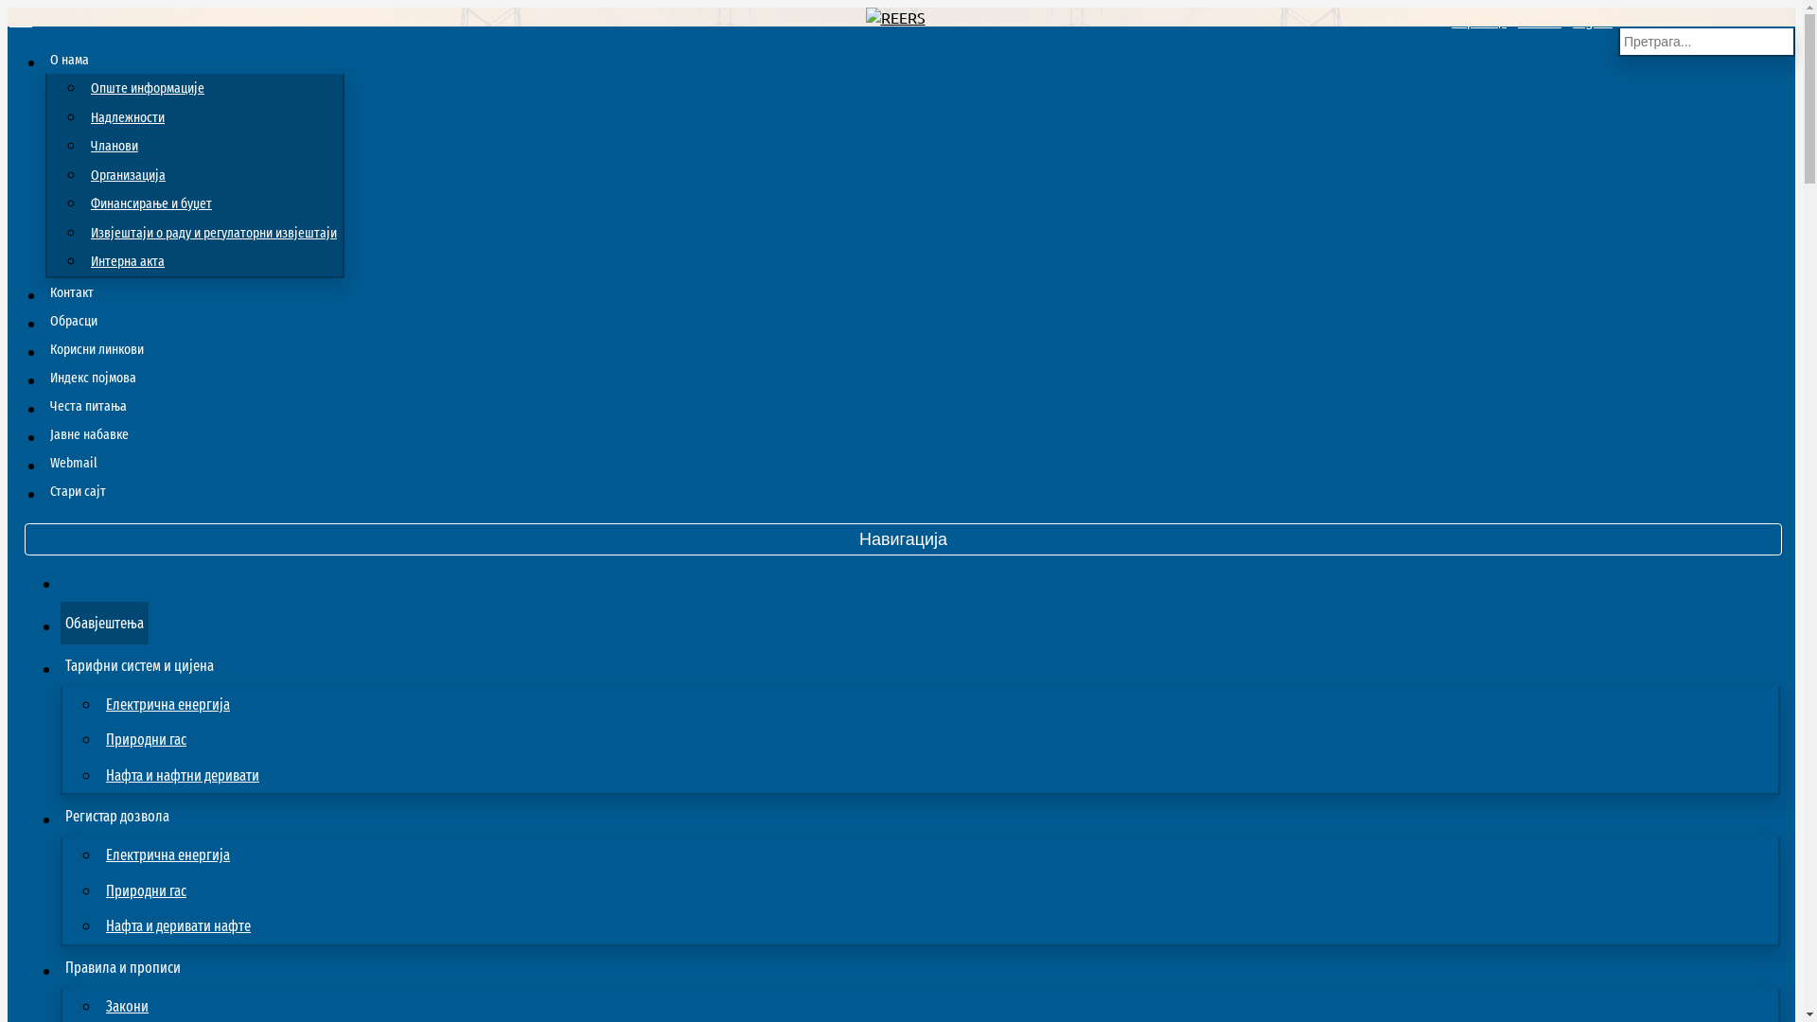 This screenshot has width=1817, height=1022. Describe the element at coordinates (1540, 22) in the screenshot. I see `'Latinica'` at that location.